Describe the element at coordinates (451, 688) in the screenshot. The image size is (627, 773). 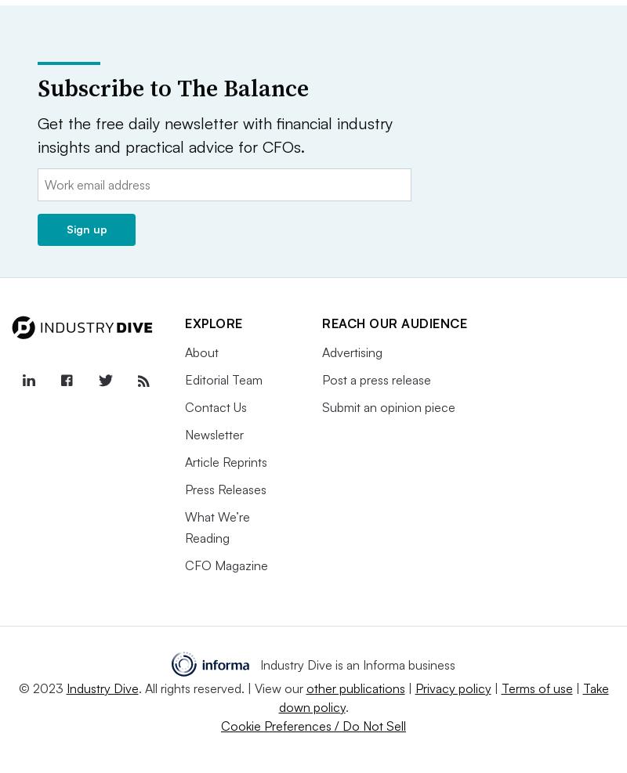
I see `'Privacy policy'` at that location.